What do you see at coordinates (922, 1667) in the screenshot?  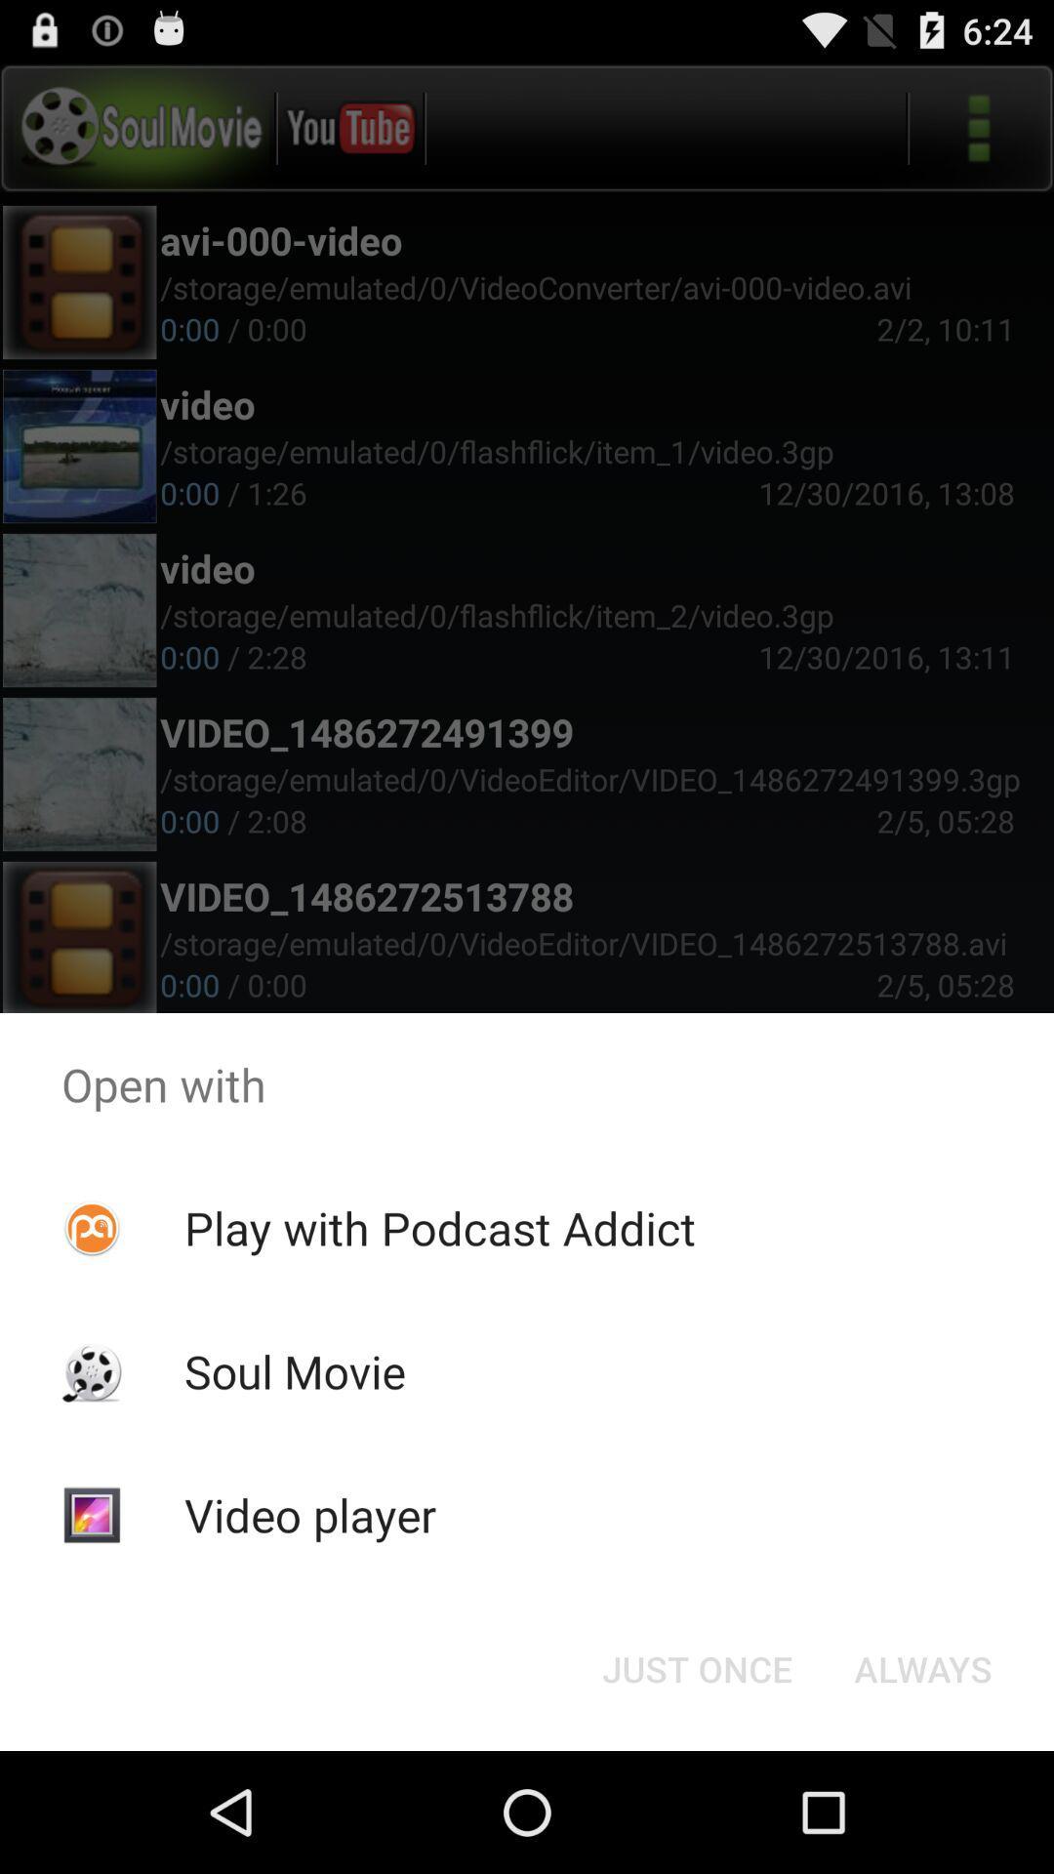 I see `the item at the bottom right corner` at bounding box center [922, 1667].